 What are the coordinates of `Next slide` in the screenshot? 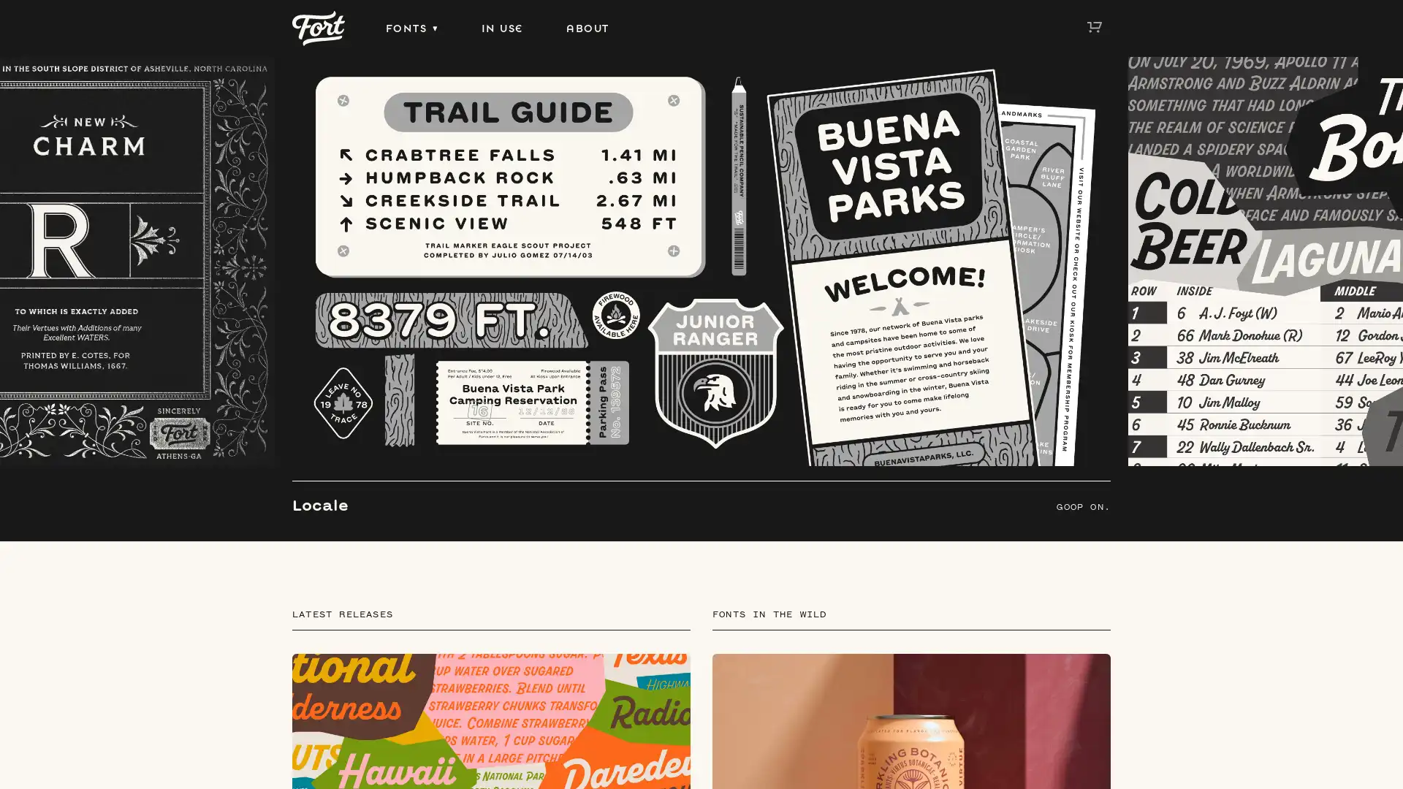 It's located at (1377, 396).